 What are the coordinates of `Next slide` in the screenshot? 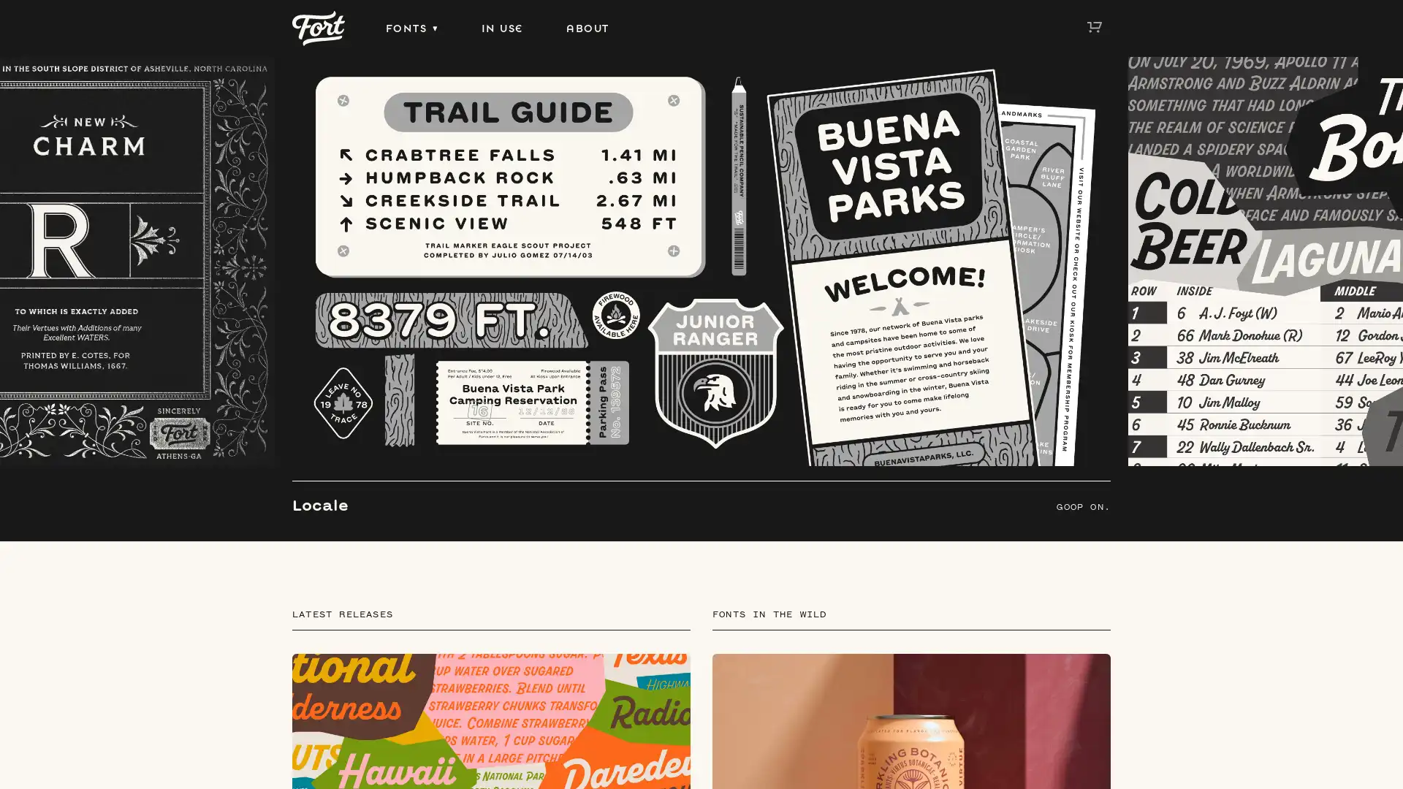 It's located at (1377, 396).